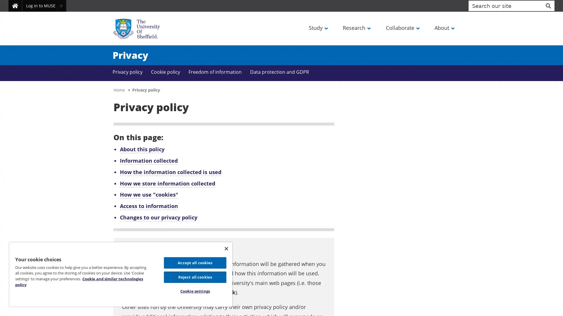  I want to click on Accept all cookies, so click(195, 262).